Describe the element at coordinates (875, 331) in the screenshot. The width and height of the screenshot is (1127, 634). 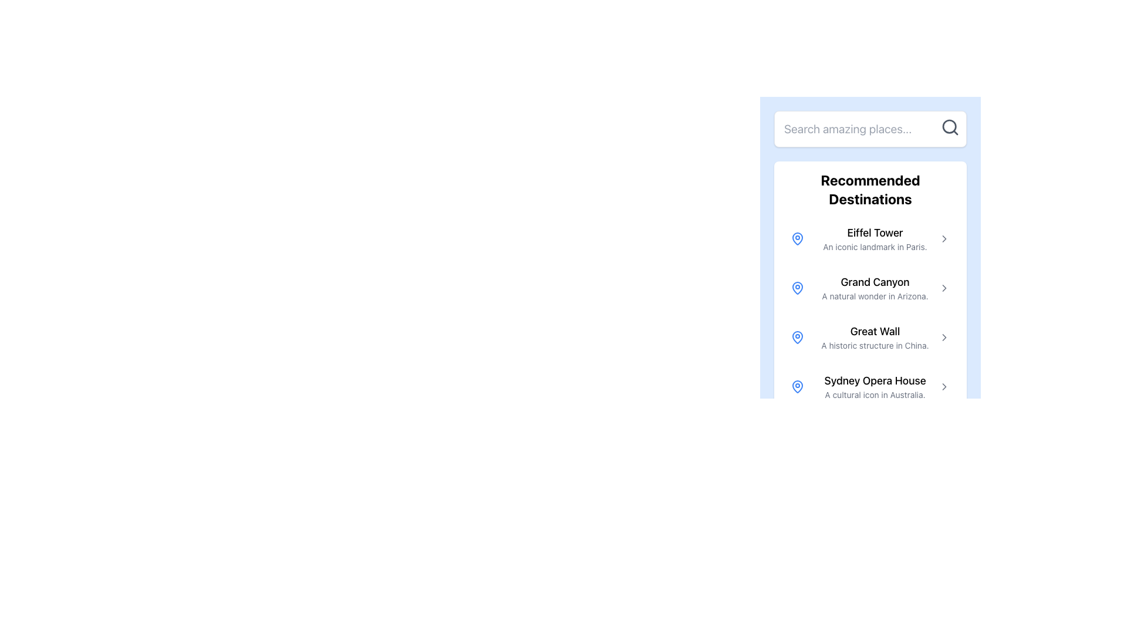
I see `the main title text in the third listing item of the 'Recommended Destinations' section, which displays the name of the destination and is located to the right of a blue location icon` at that location.